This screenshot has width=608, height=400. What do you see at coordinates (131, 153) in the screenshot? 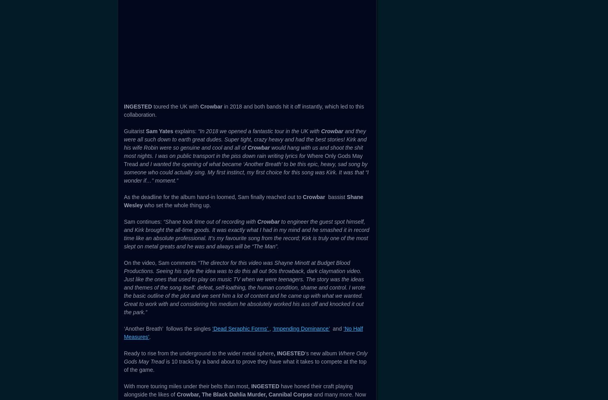
I see `'Unique Leader'` at bounding box center [131, 153].